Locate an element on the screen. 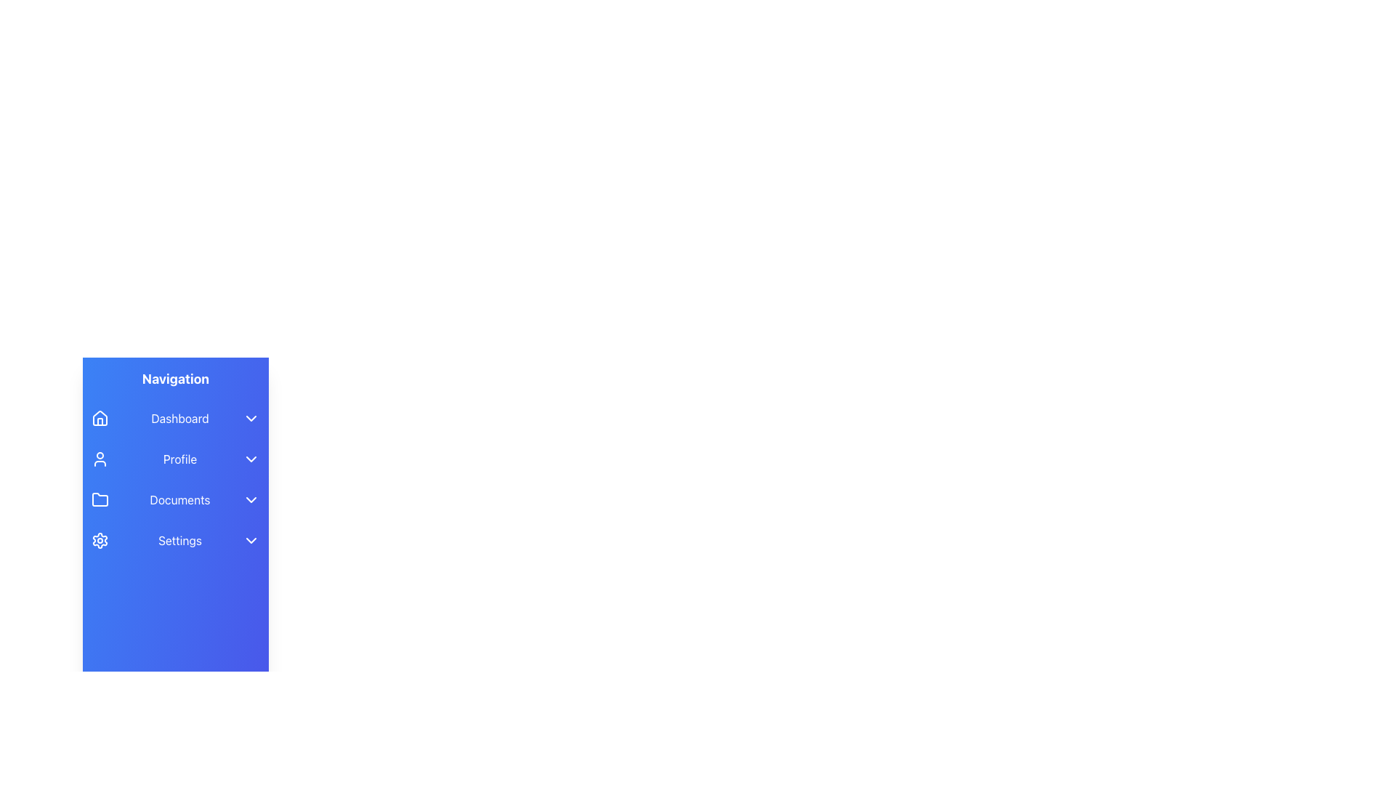 This screenshot has width=1395, height=785. the downward-facing chevron icon located at the far right of the 'Profile' row in the navigation menu is located at coordinates (251, 459).